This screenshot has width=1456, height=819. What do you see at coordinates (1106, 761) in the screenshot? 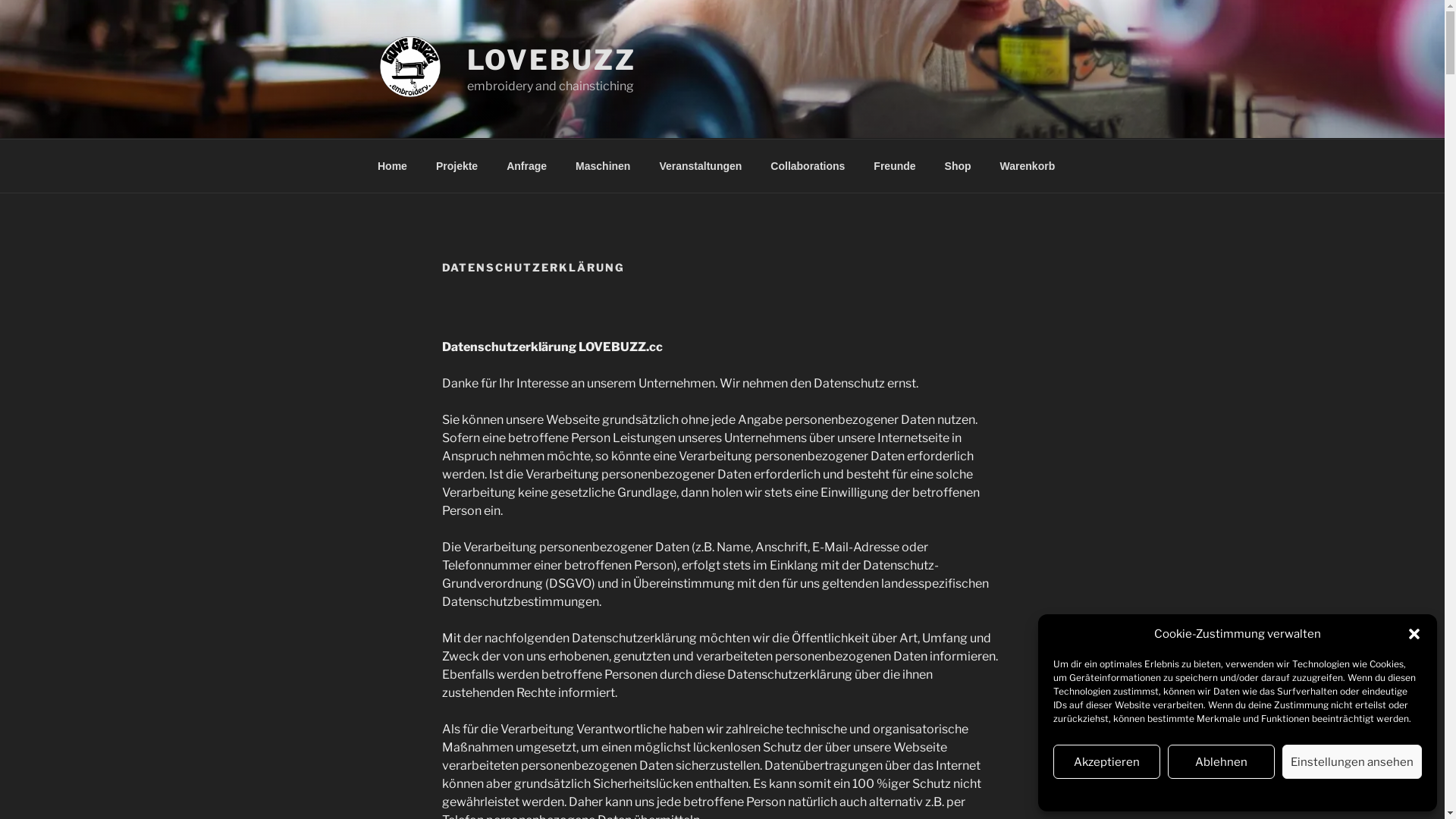
I see `'Akzeptieren'` at bounding box center [1106, 761].